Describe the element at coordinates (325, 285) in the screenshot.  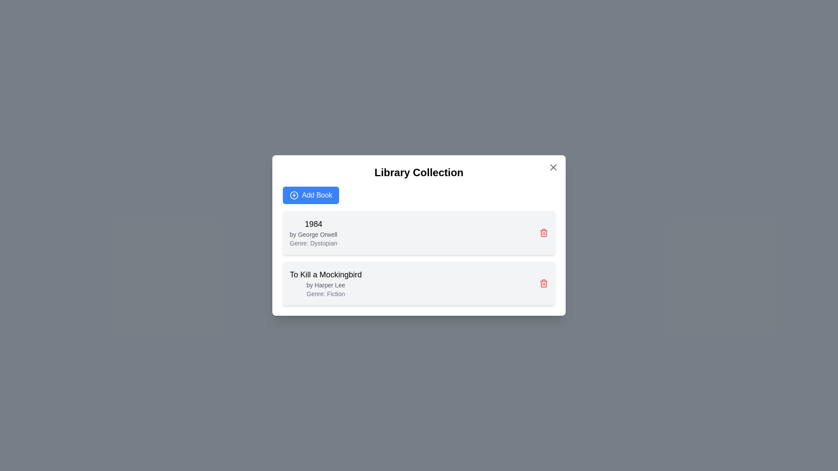
I see `the text label reading 'by Harper Lee.' which is styled in grayish color and positioned under the title 'To Kill a Mockingbird.'` at that location.